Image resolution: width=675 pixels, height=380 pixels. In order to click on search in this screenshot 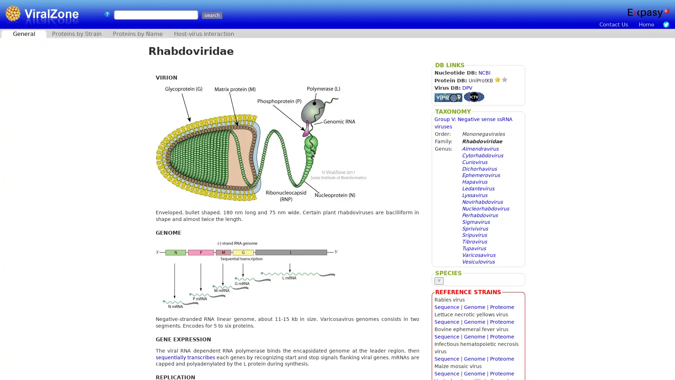, I will do `click(211, 15)`.